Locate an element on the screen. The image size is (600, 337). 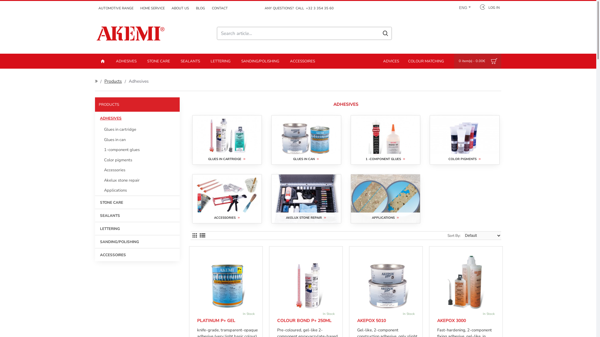
'HOME SERVICE' is located at coordinates (152, 8).